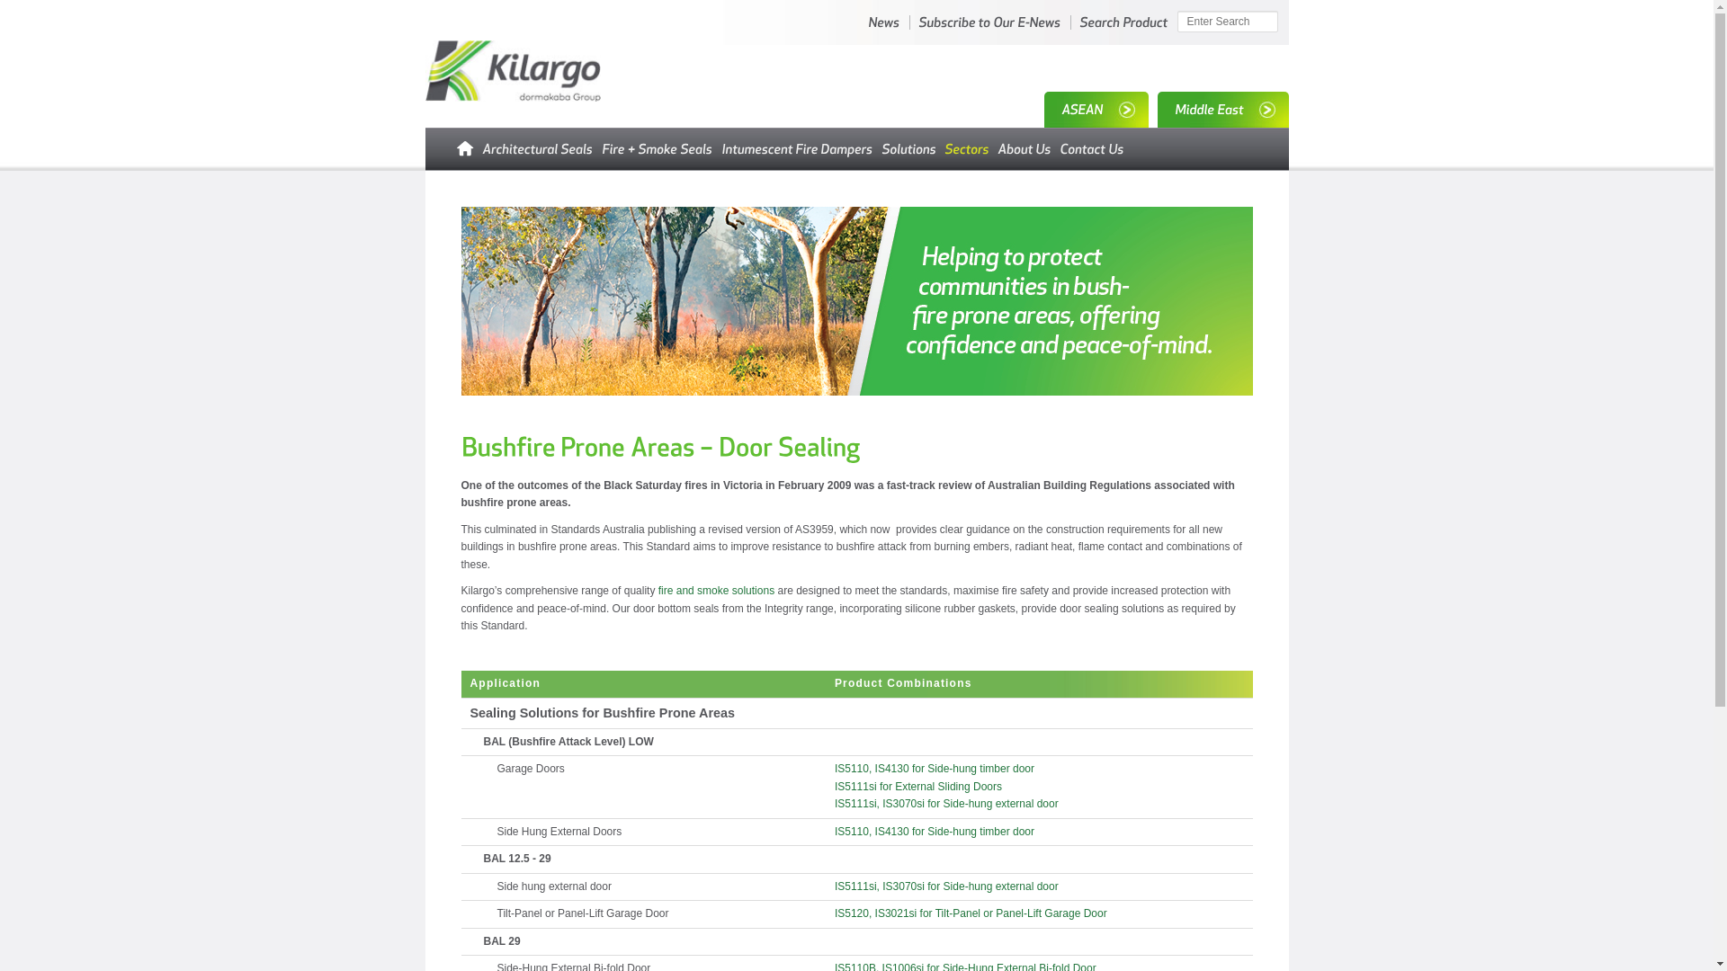 This screenshot has width=1727, height=971. Describe the element at coordinates (945, 886) in the screenshot. I see `'IS5111si, IS3070si for Side-hung external door'` at that location.